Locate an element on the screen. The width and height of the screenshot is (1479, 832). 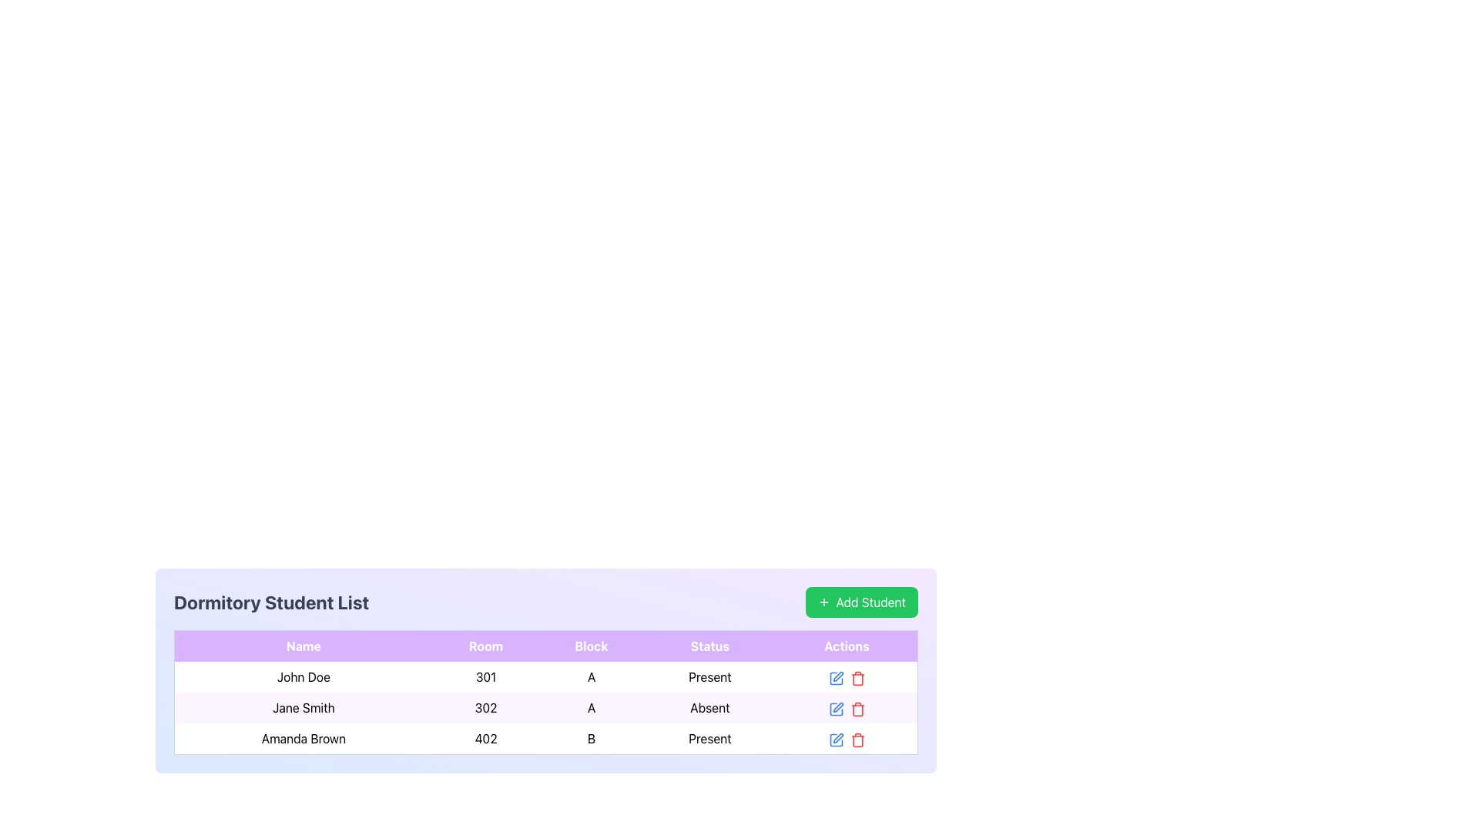
the Edit button for the student 'Amanda Brown', located in the Actions column of the last row of the table is located at coordinates (837, 737).